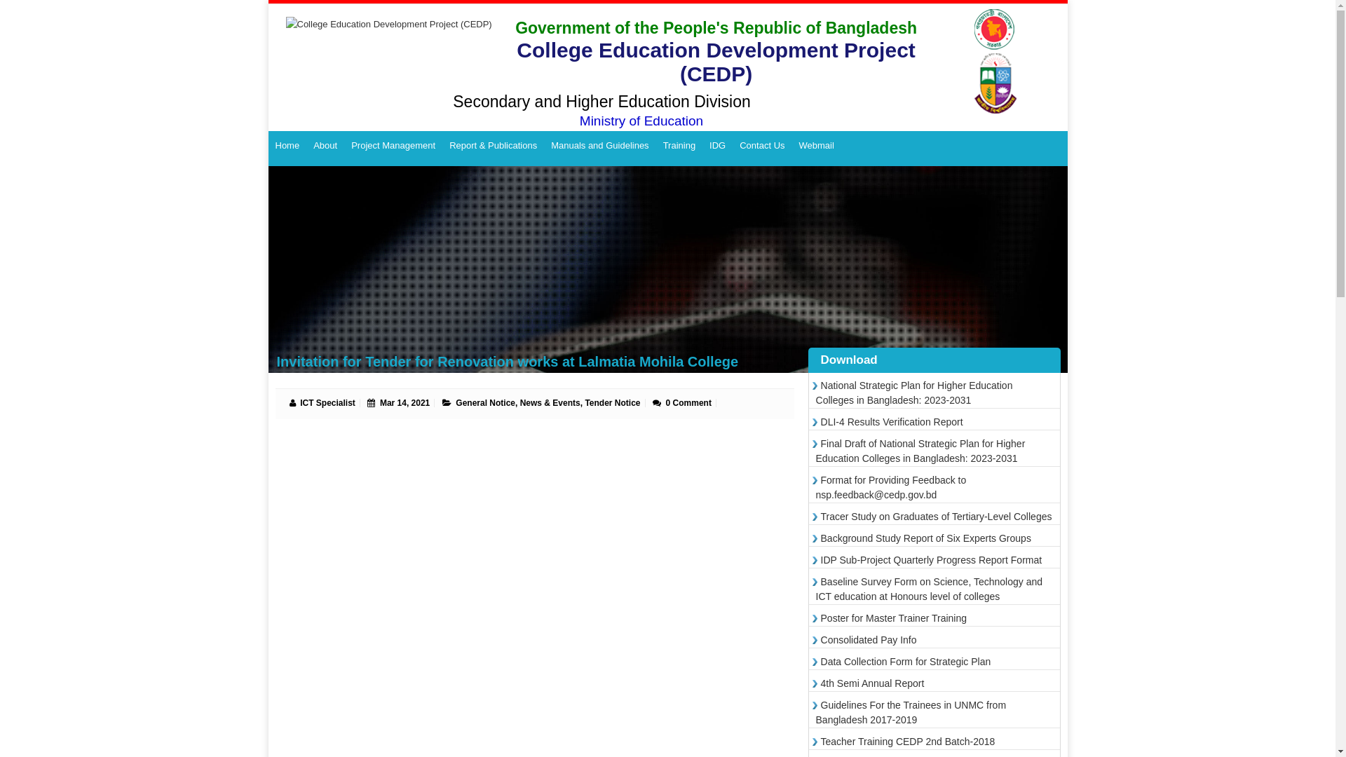 Image resolution: width=1346 pixels, height=757 pixels. I want to click on 'National University, Bangladesh', so click(997, 61).